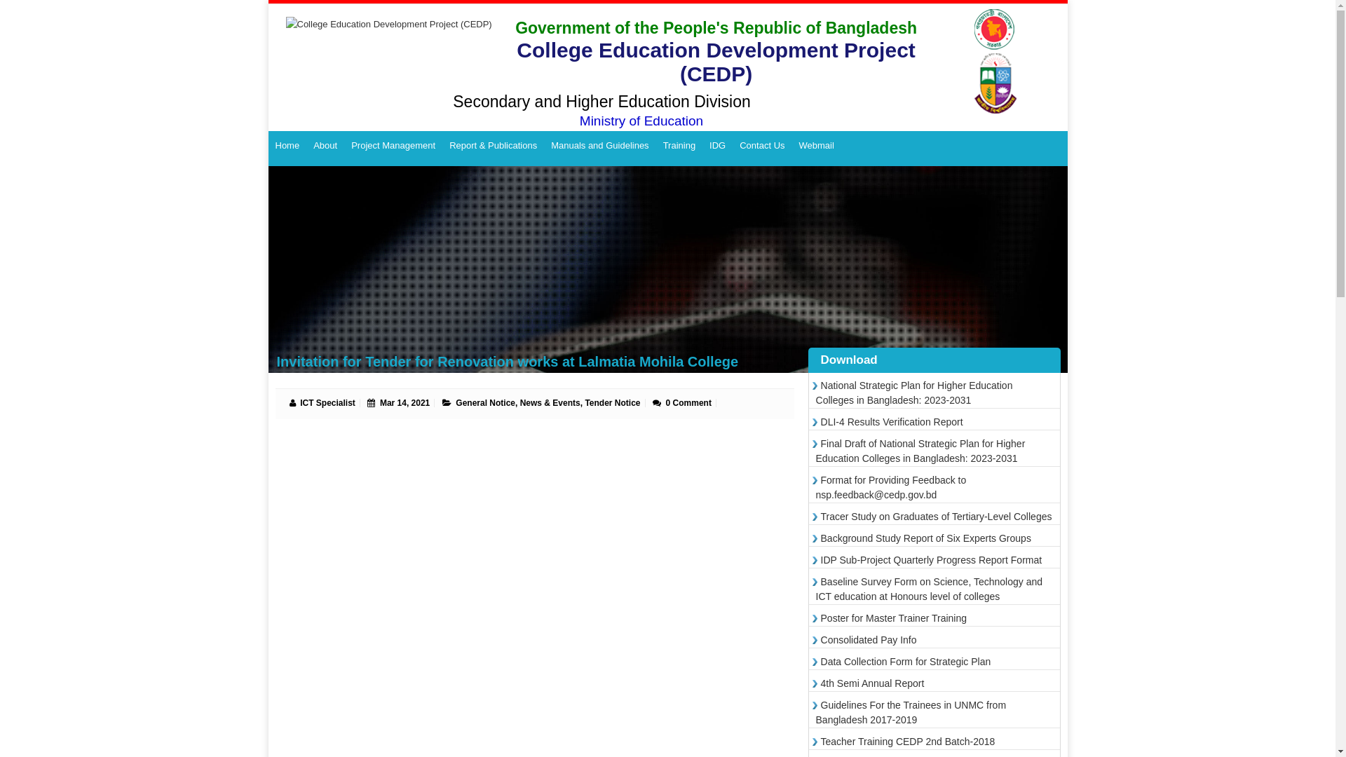 Image resolution: width=1346 pixels, height=757 pixels. I want to click on 'National University, Bangladesh', so click(997, 61).